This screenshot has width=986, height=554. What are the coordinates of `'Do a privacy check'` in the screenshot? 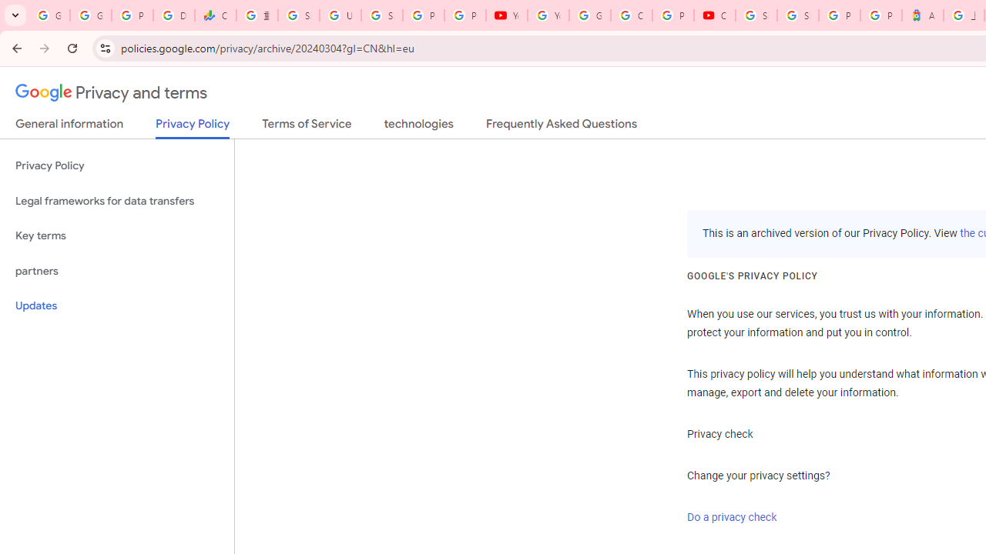 It's located at (731, 517).